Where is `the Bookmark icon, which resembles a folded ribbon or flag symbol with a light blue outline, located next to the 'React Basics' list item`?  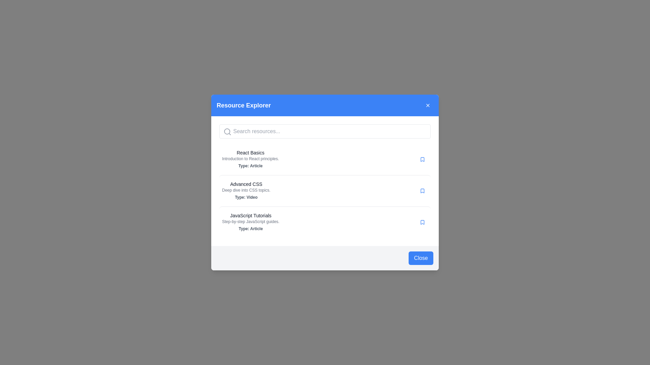 the Bookmark icon, which resembles a folded ribbon or flag symbol with a light blue outline, located next to the 'React Basics' list item is located at coordinates (422, 159).